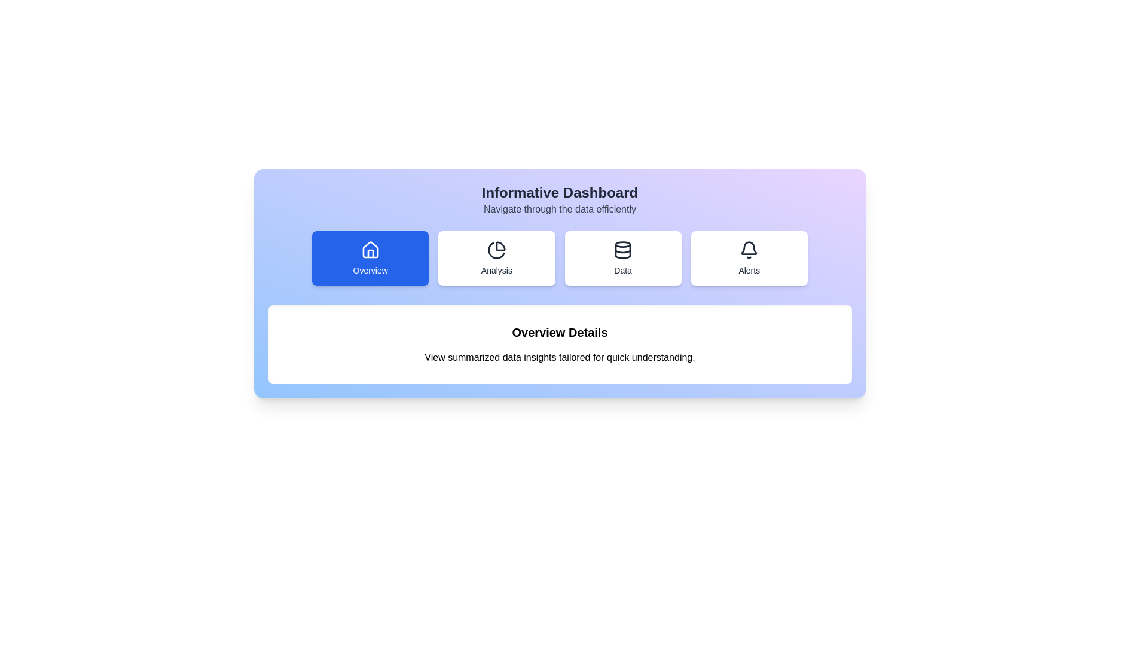 Image resolution: width=1148 pixels, height=645 pixels. I want to click on the 'Analysis' icon located at the top-center of the interface, which visually represents the 'Analysis' functionality and is positioned above the 'Analysis' text label, so click(496, 250).